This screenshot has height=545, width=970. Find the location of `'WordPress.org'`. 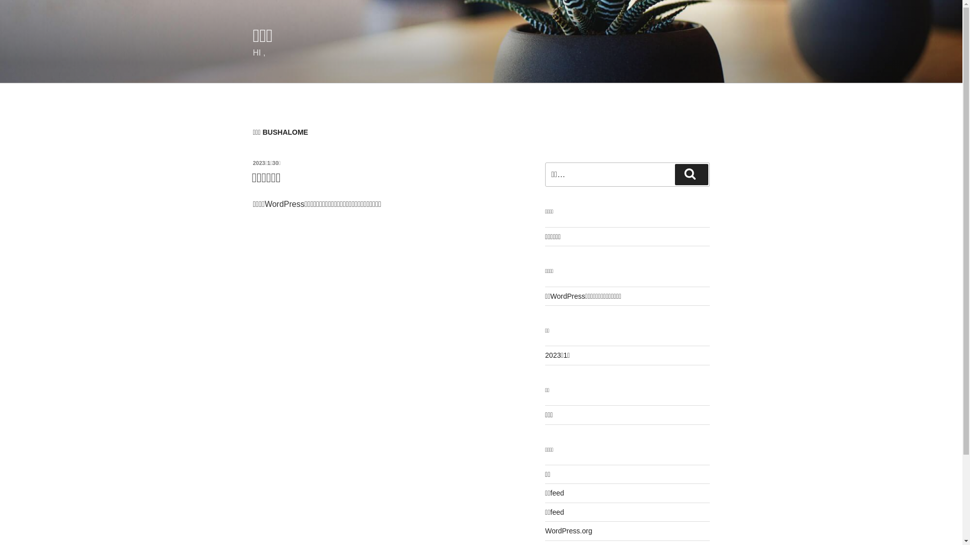

'WordPress.org' is located at coordinates (545, 530).